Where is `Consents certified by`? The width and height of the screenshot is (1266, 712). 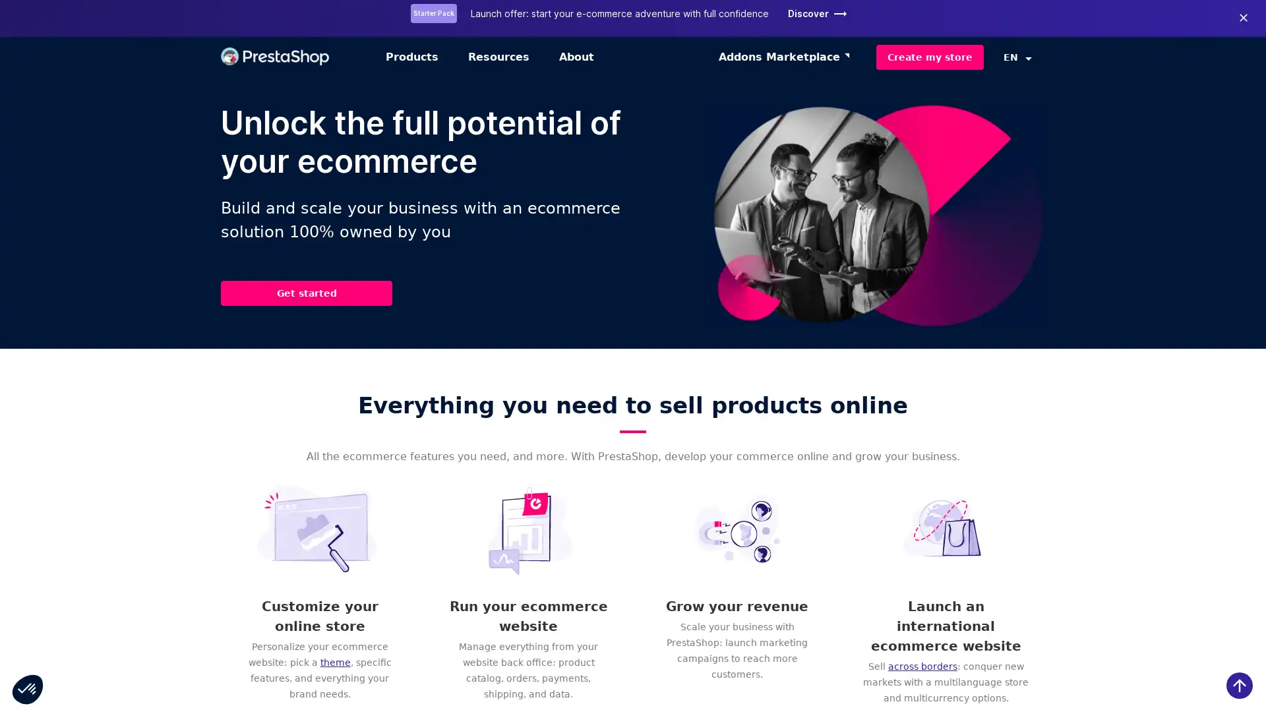 Consents certified by is located at coordinates (151, 622).